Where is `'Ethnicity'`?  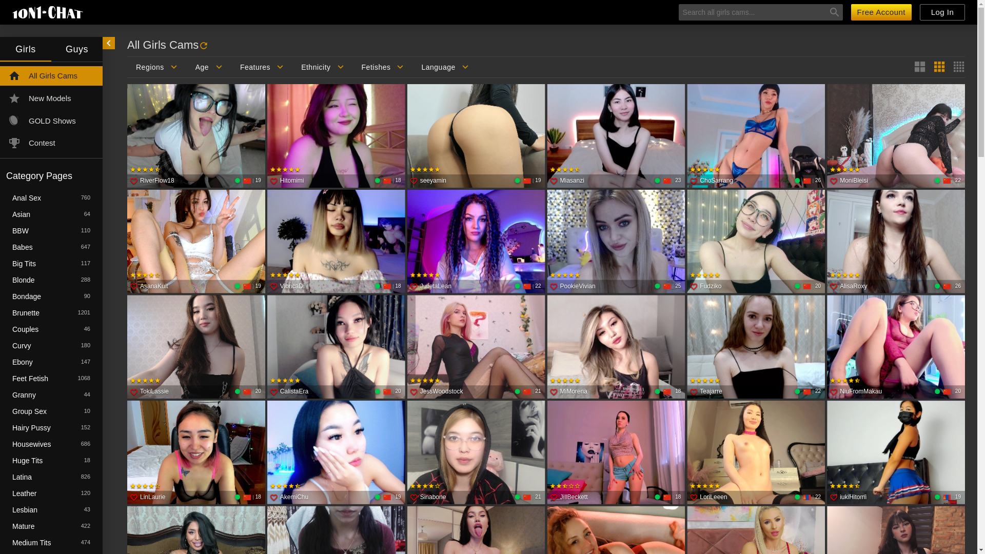
'Ethnicity' is located at coordinates (322, 67).